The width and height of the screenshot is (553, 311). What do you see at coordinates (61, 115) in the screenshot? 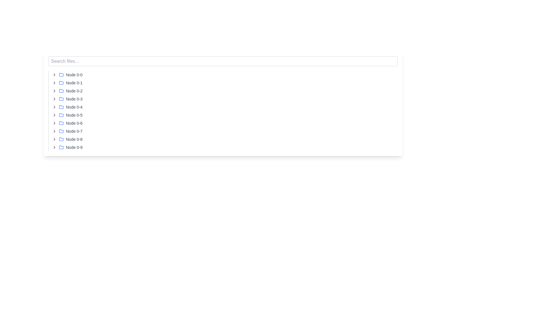
I see `the blue folder icon located next to the text 'Node 0-5' in the file explorer list, which is the third icon in the sequence` at bounding box center [61, 115].